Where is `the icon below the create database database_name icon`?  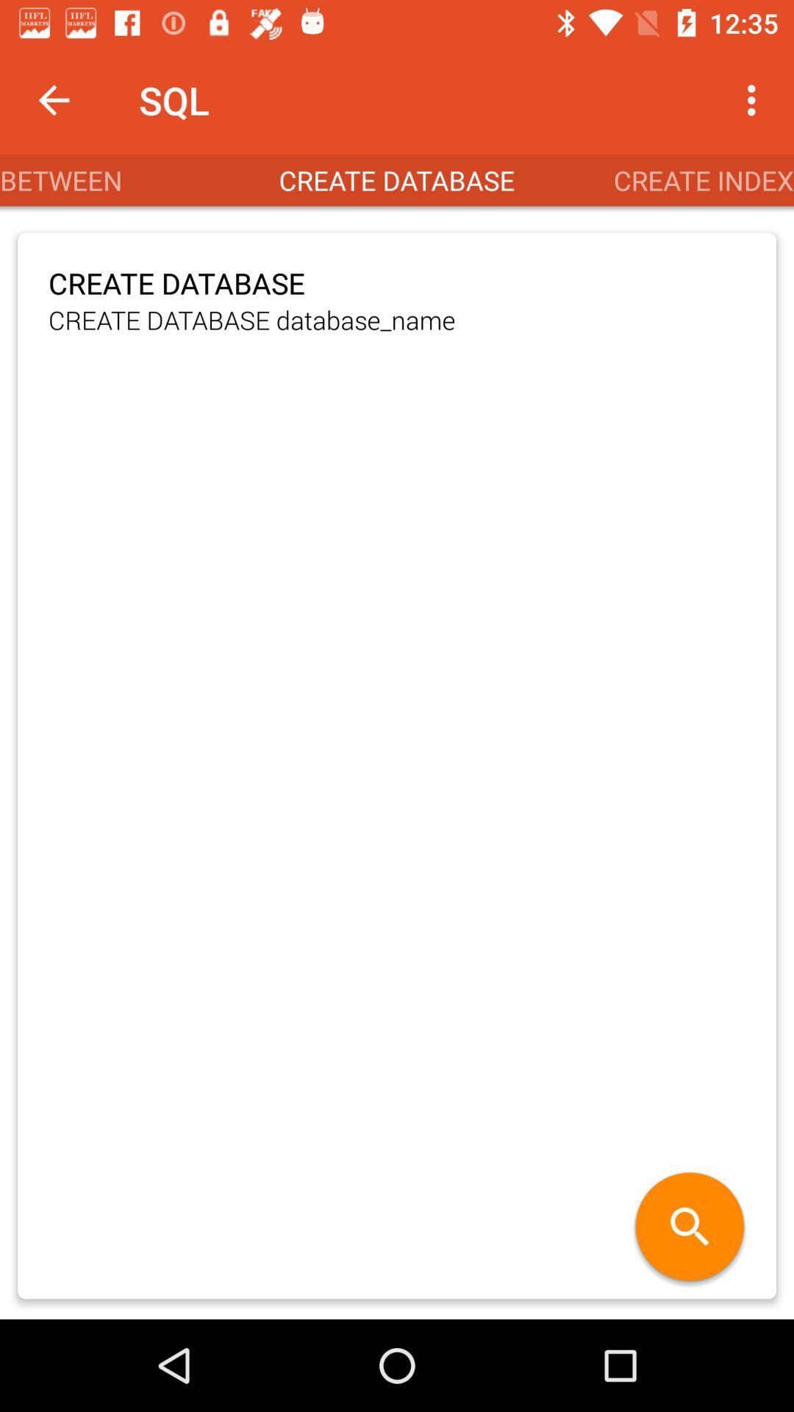 the icon below the create database database_name icon is located at coordinates (690, 1228).